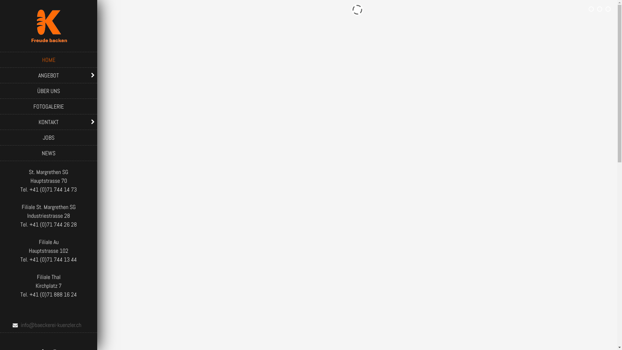 This screenshot has height=350, width=622. I want to click on '+41 (0)71 744 14 73', so click(53, 189).